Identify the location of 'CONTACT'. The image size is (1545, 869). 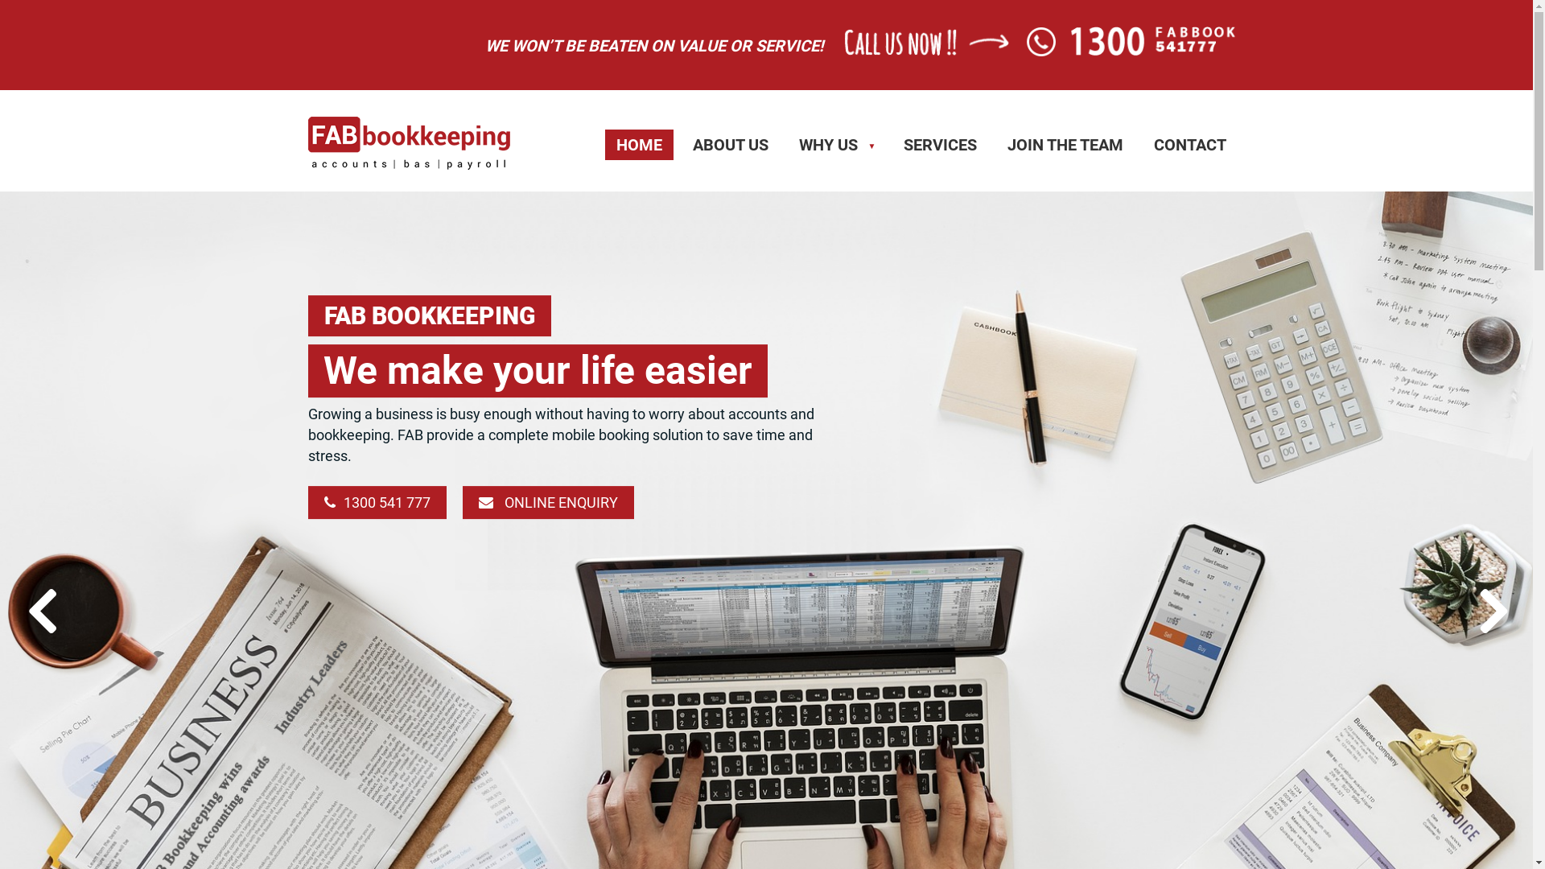
(1189, 145).